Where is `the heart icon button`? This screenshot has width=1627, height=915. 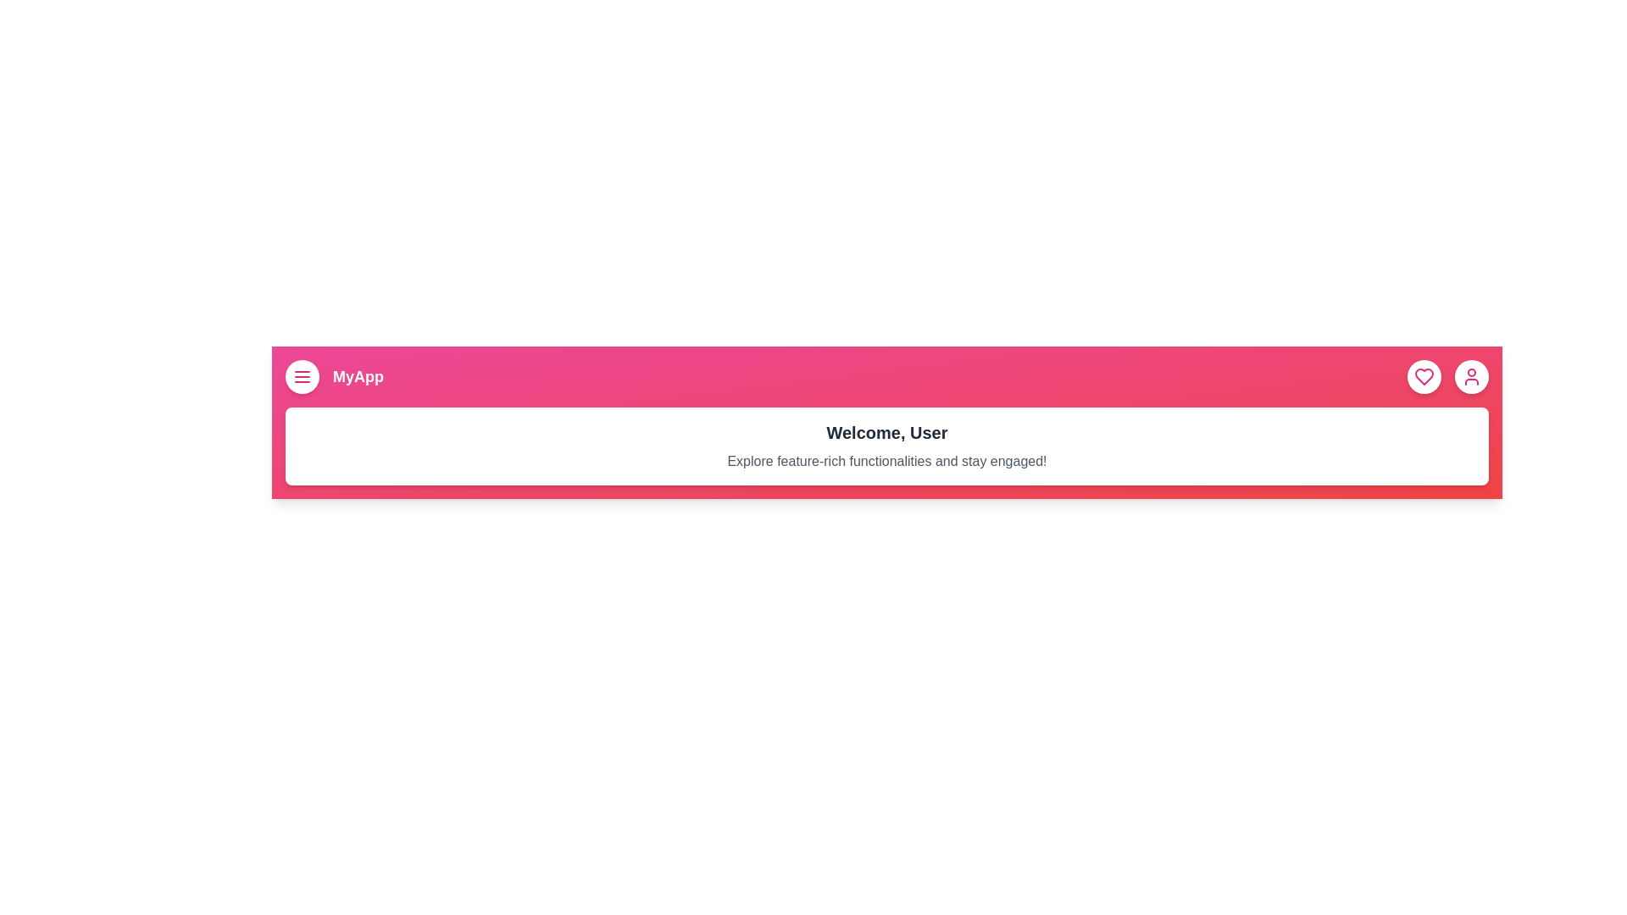 the heart icon button is located at coordinates (1424, 375).